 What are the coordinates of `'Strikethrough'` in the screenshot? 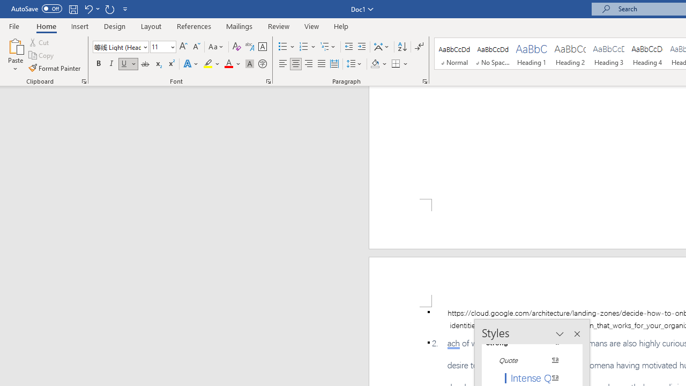 It's located at (144, 64).